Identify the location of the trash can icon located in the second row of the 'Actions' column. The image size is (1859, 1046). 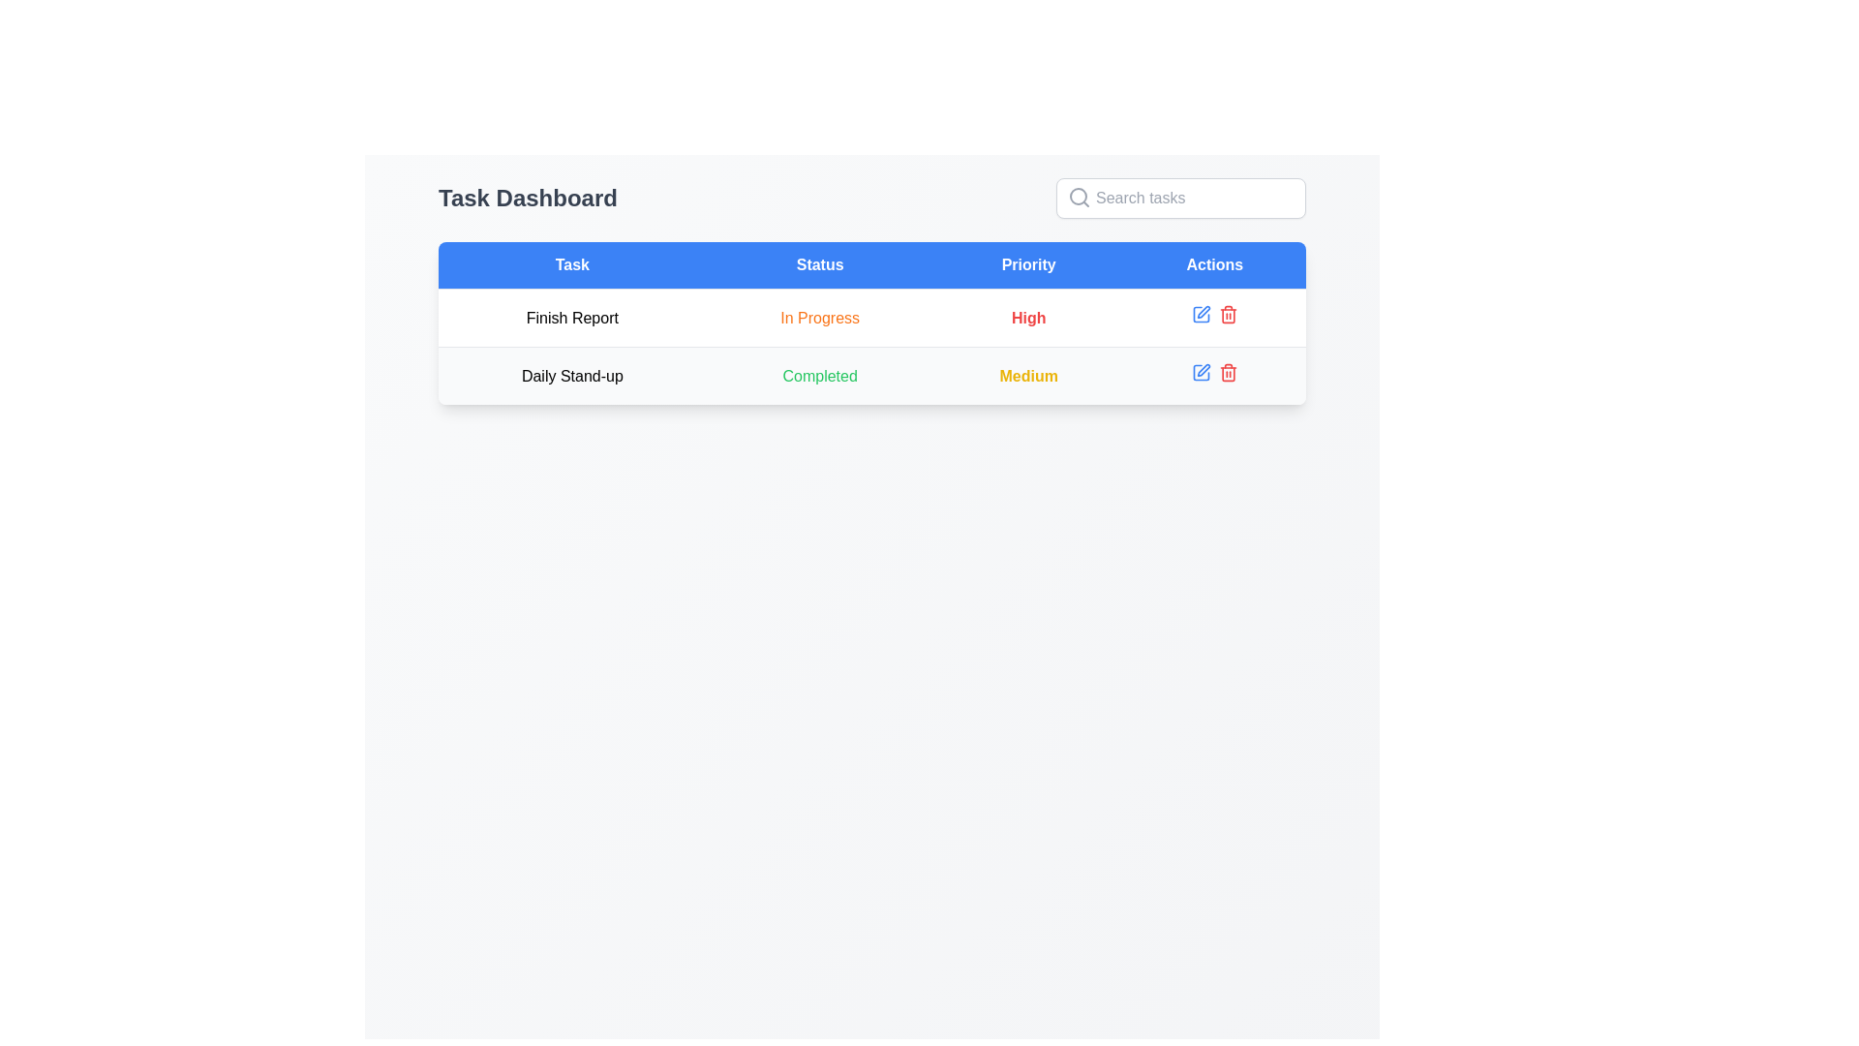
(1227, 315).